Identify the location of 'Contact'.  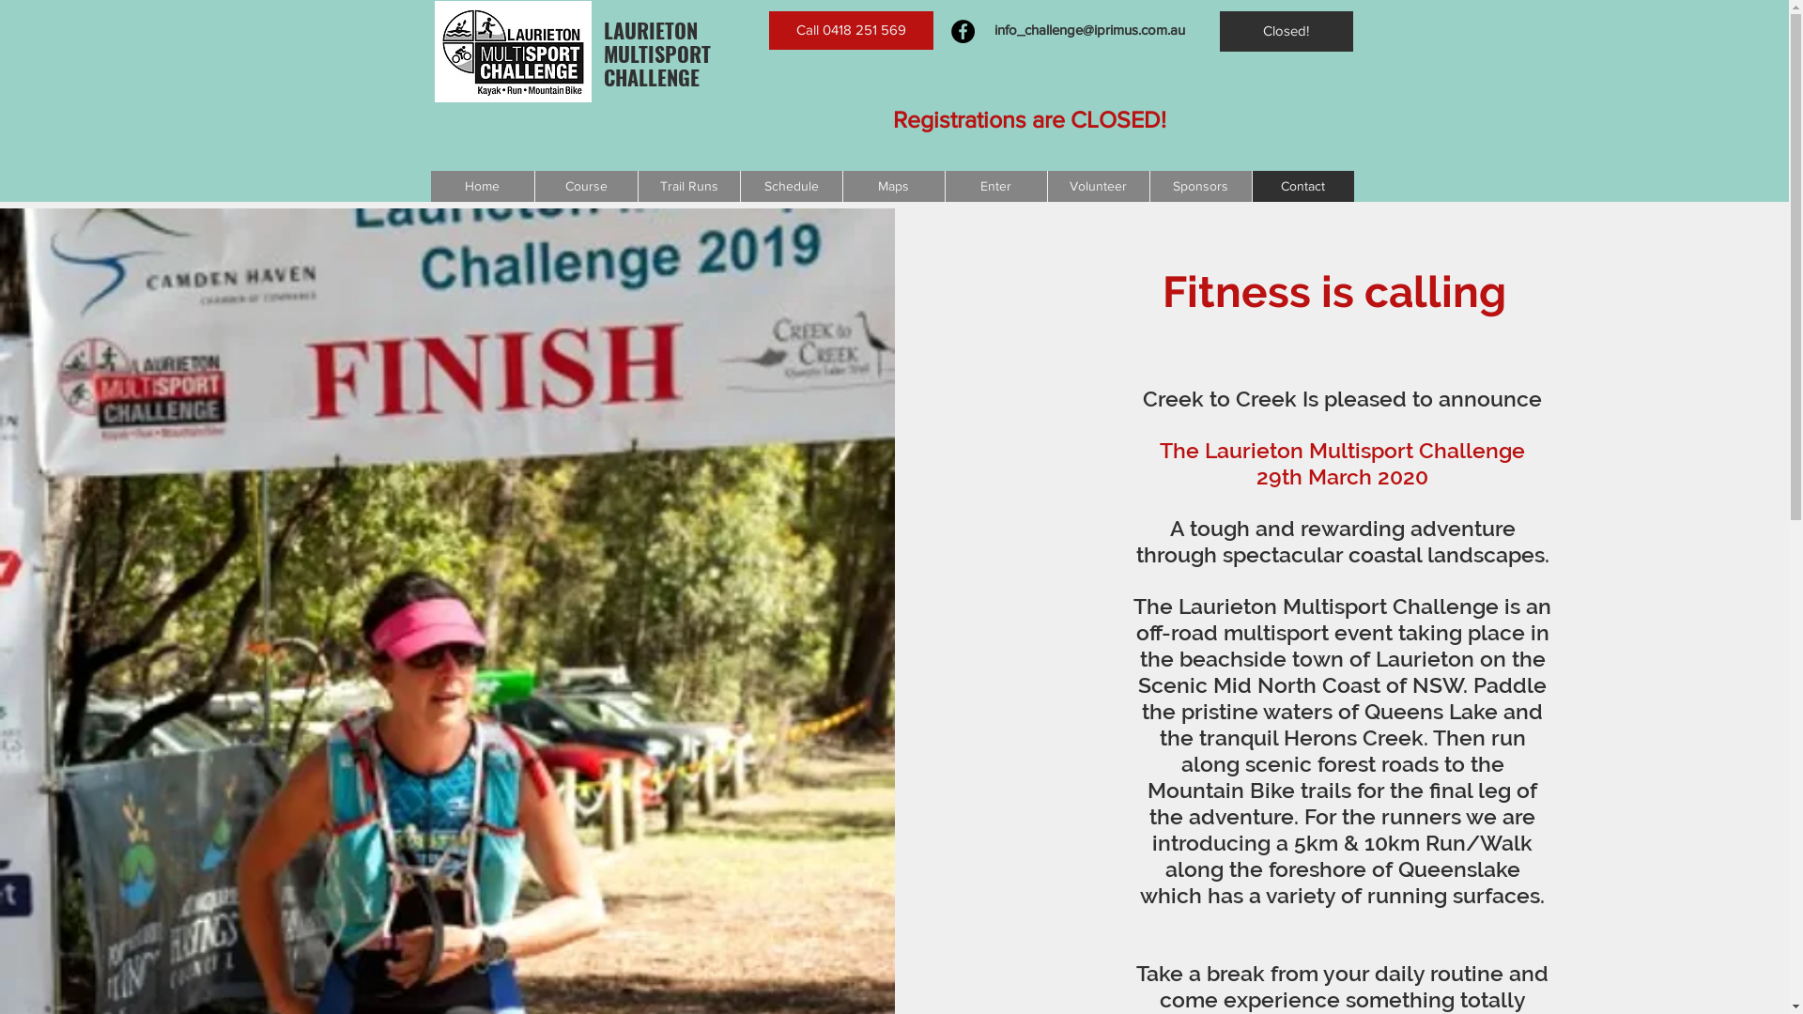
(1301, 186).